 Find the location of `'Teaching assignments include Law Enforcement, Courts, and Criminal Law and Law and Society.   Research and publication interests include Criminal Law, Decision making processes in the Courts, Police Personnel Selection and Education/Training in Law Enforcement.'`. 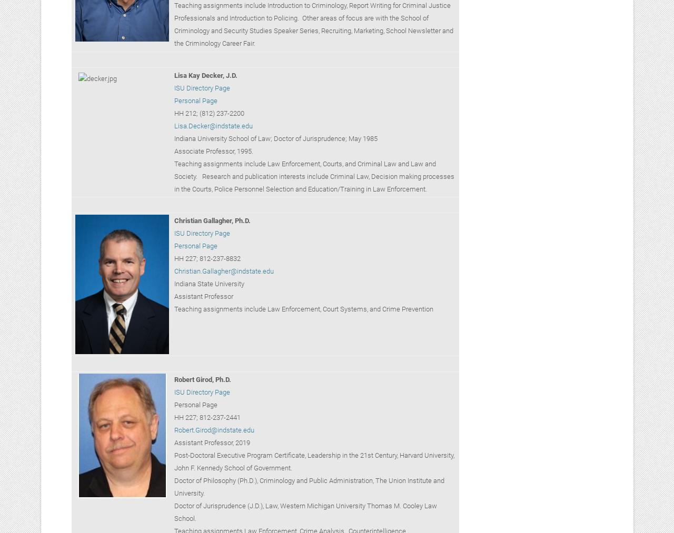

'Teaching assignments include Law Enforcement, Courts, and Criminal Law and Law and Society.   Research and publication interests include Criminal Law, Decision making processes in the Courts, Police Personnel Selection and Education/Training in Law Enforcement.' is located at coordinates (313, 176).